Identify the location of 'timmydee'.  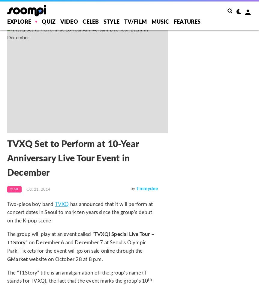
(147, 188).